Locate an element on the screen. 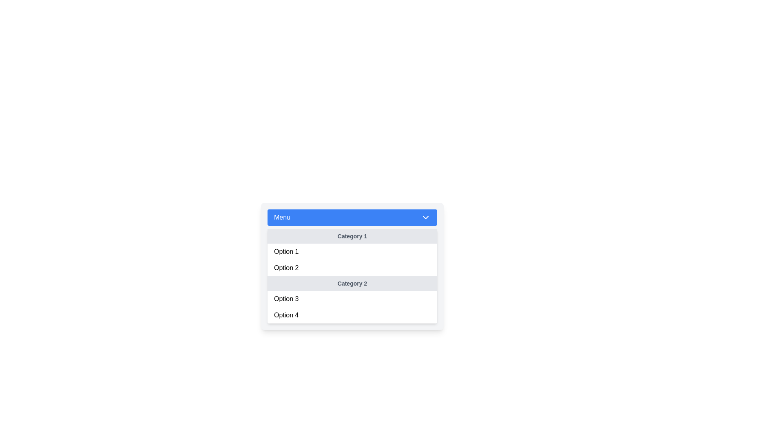 The height and width of the screenshot is (440, 783). the first option 'Option 1' in the Categorized Dropdown Section titled 'Category 1' is located at coordinates (352, 252).